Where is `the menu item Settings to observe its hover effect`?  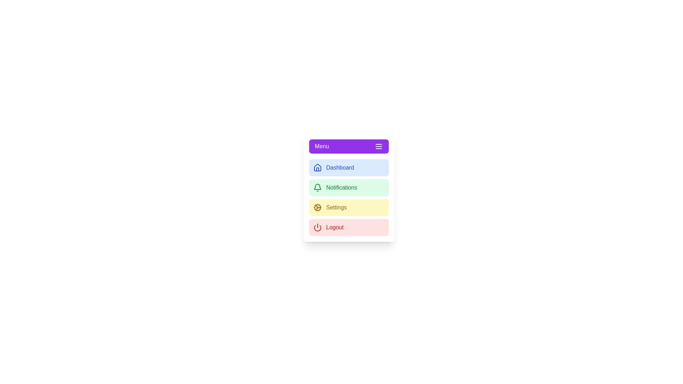
the menu item Settings to observe its hover effect is located at coordinates (349, 207).